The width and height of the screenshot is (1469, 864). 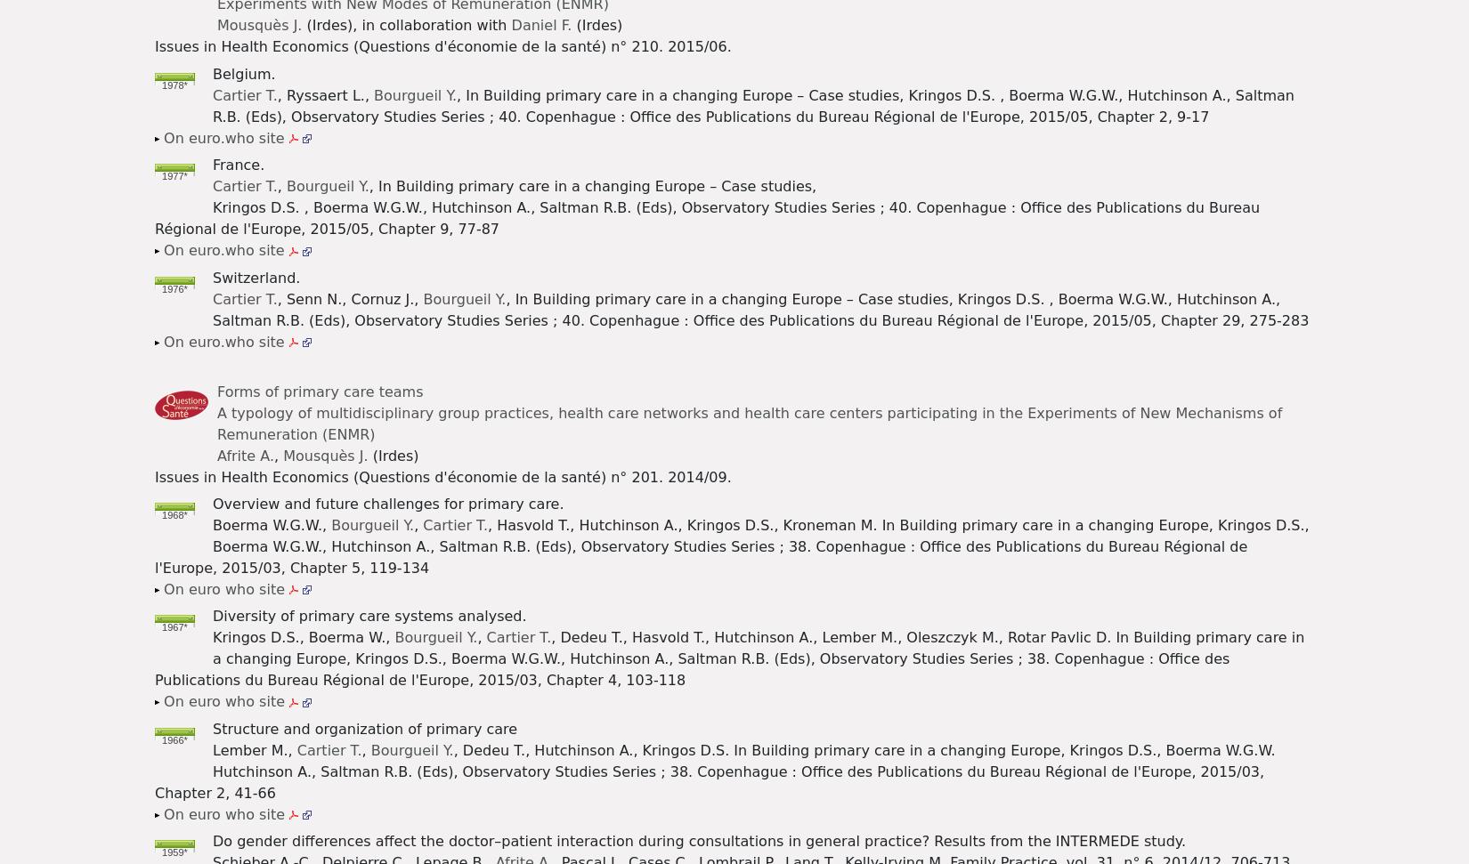 What do you see at coordinates (729, 320) in the screenshot?
I see `'Polychrome study: establishing a typology of chronic diseases in general medicine, for an analysis of the multi-prescriptions. Clerc P., Lebreton J.,'` at bounding box center [729, 320].